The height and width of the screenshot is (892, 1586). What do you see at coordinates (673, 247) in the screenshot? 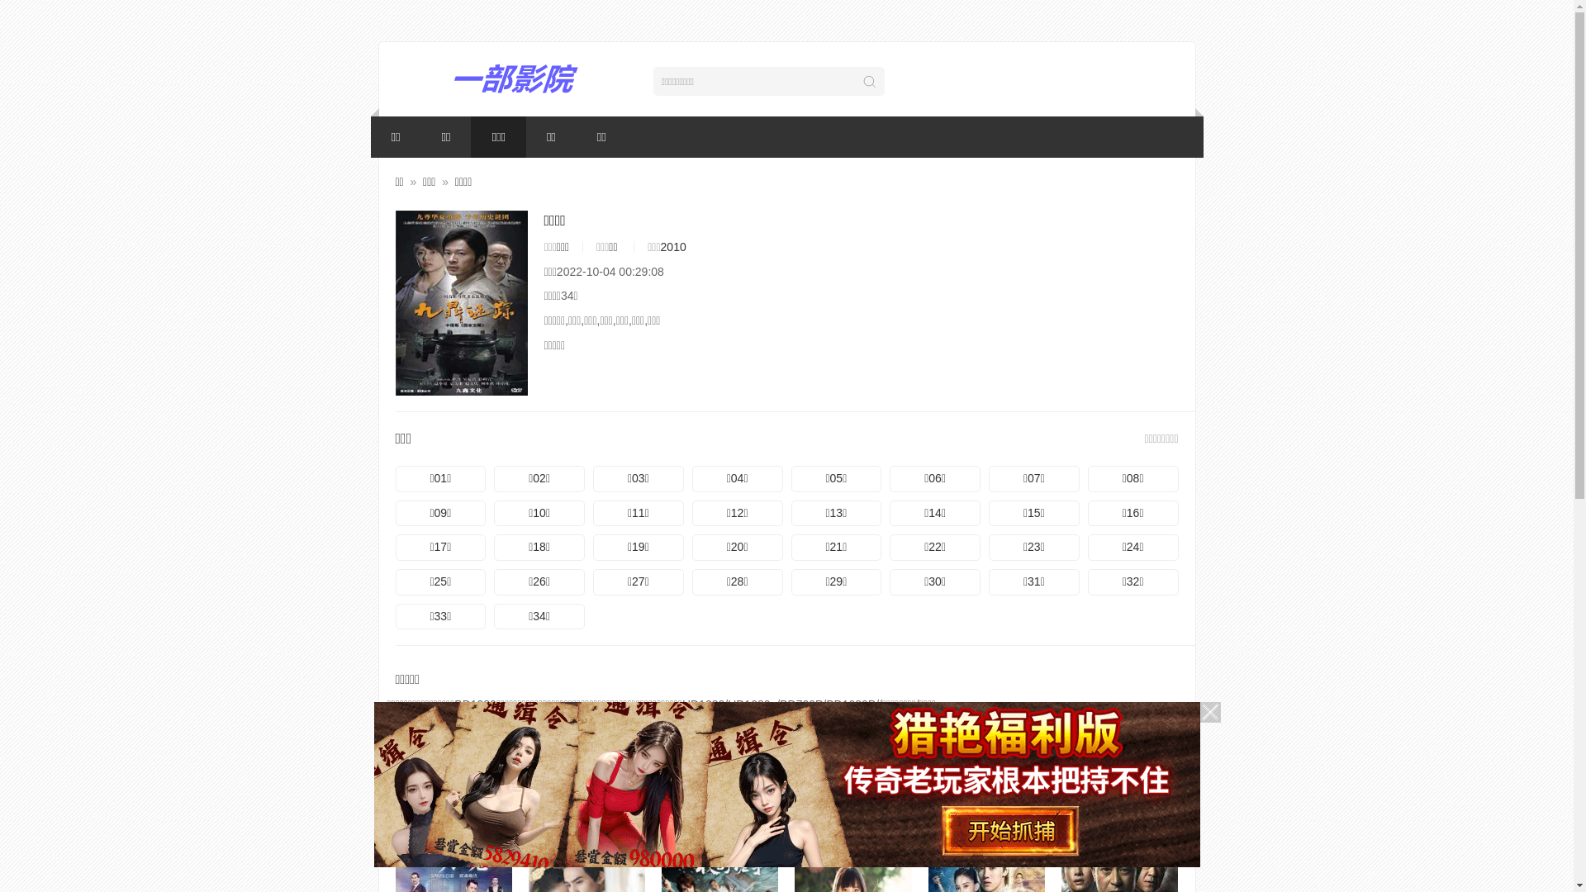
I see `'2010'` at bounding box center [673, 247].